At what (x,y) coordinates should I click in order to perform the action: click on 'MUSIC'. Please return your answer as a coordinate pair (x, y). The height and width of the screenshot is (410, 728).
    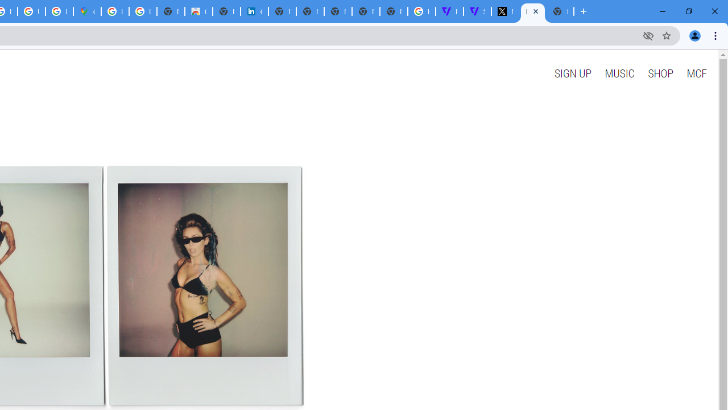
    Looking at the image, I should click on (619, 73).